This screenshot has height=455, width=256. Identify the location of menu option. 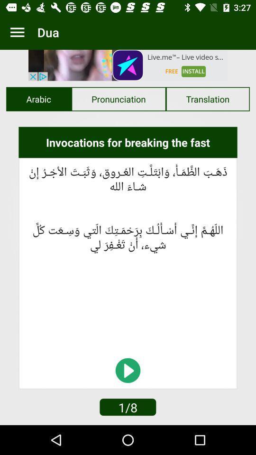
(17, 32).